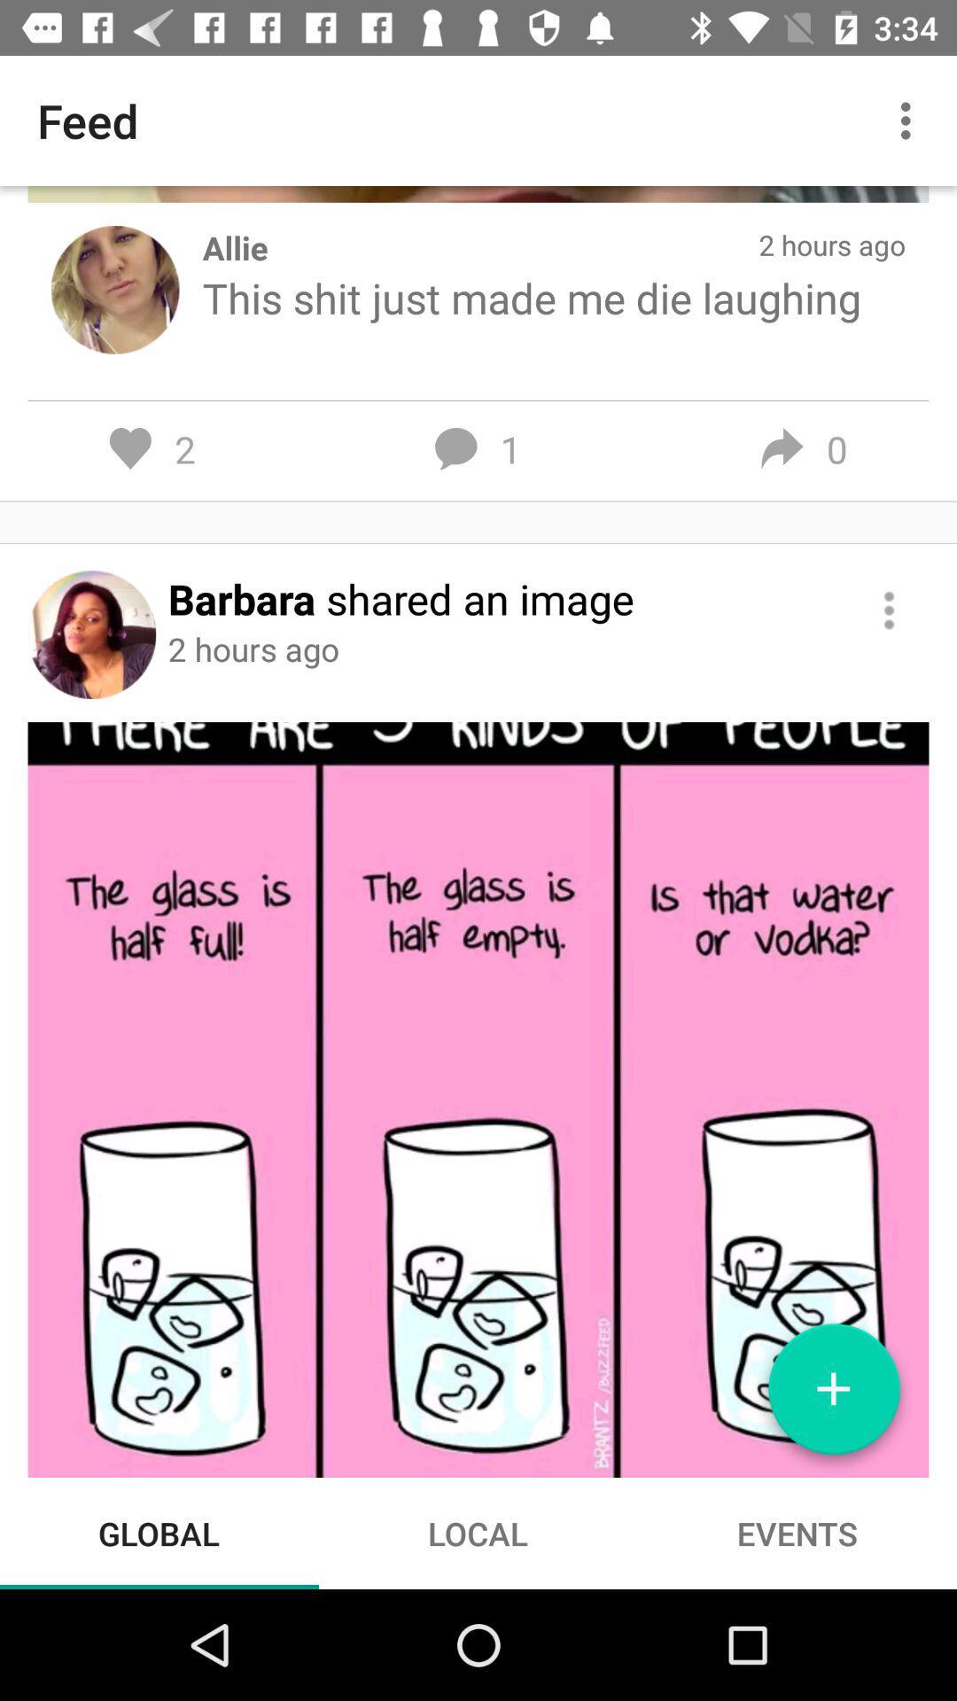  Describe the element at coordinates (91, 634) in the screenshot. I see `profile picture` at that location.